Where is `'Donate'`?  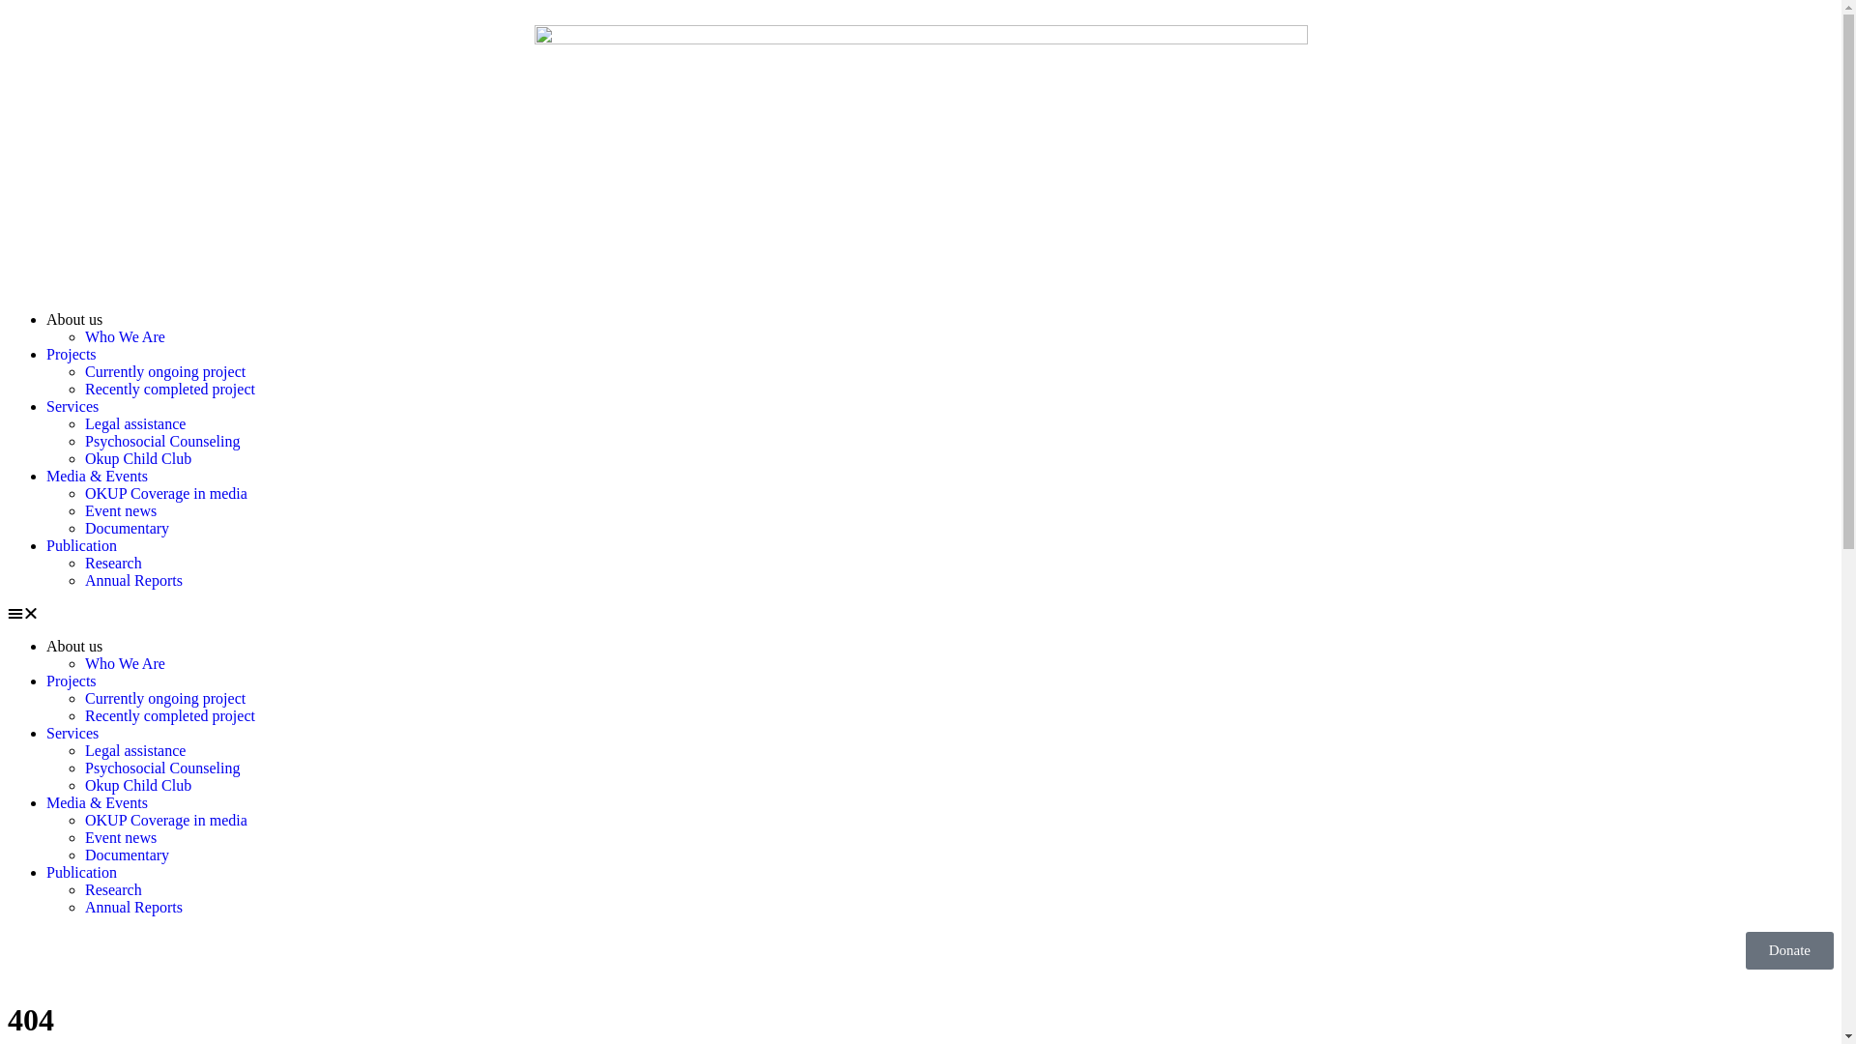
'Donate' is located at coordinates (1788, 949).